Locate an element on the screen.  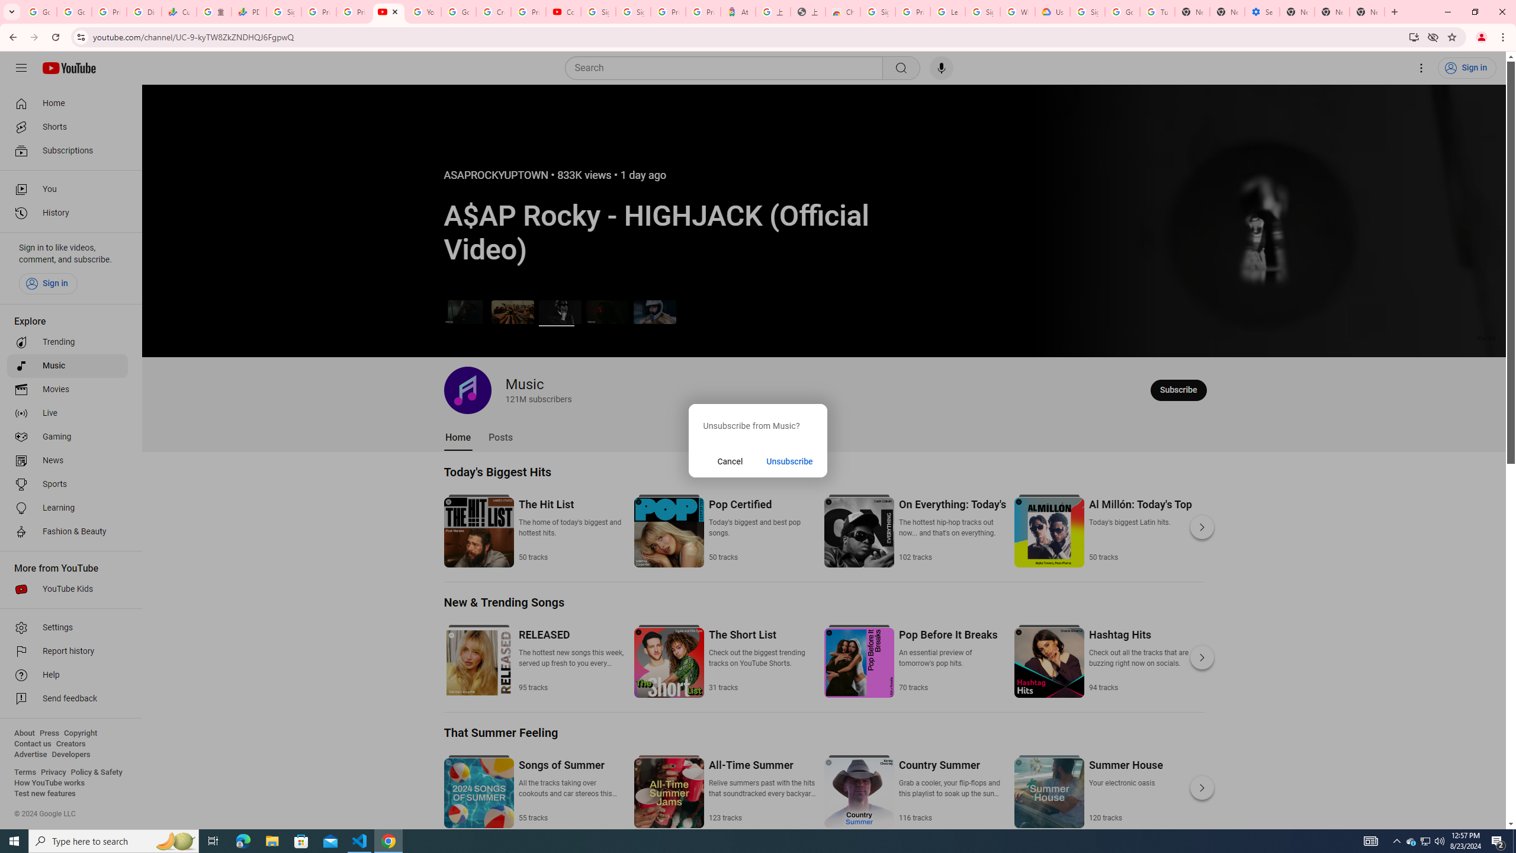
'Contact us' is located at coordinates (32, 743).